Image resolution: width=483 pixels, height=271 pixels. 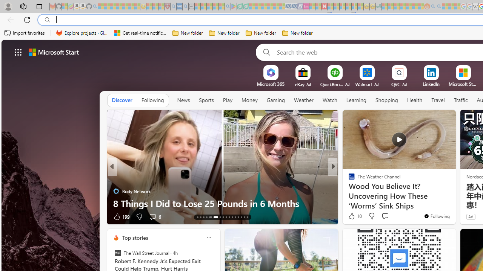 What do you see at coordinates (18, 52) in the screenshot?
I see `'App launcher'` at bounding box center [18, 52].